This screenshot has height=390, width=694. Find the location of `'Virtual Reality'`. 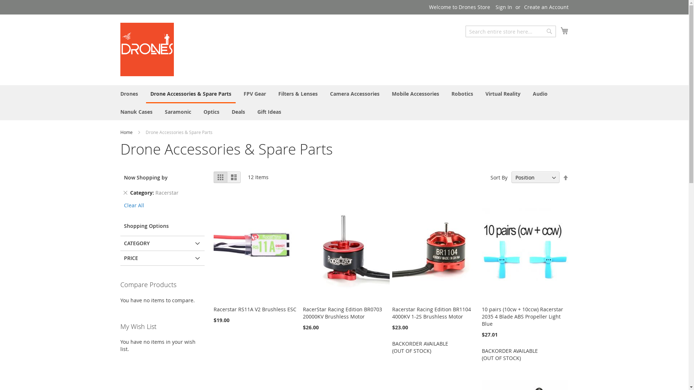

'Virtual Reality' is located at coordinates (502, 93).